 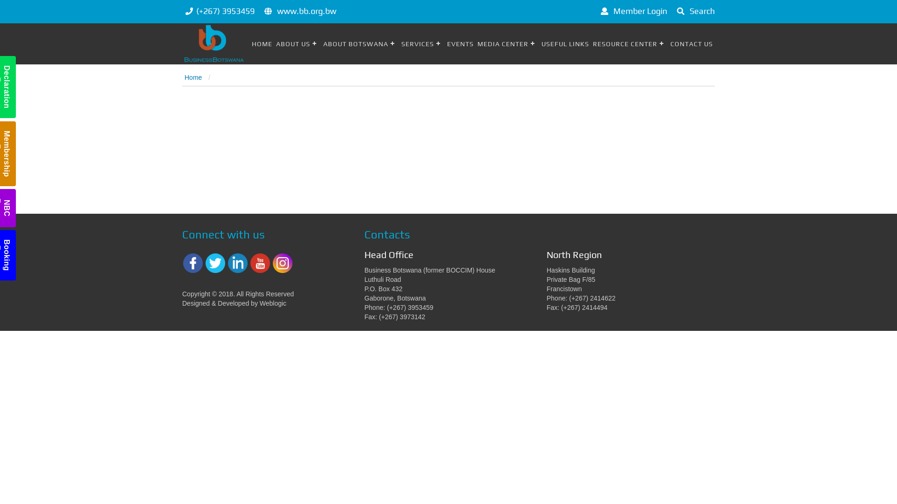 I want to click on 'ABOUT US', so click(x=297, y=43).